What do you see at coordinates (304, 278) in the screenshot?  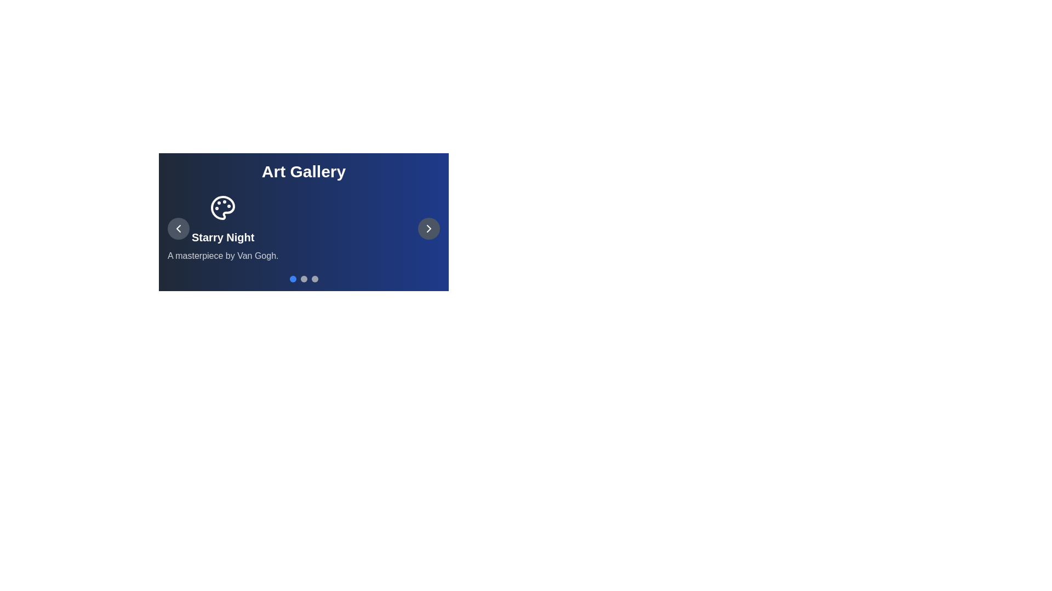 I see `the indicator dot corresponding to 1` at bounding box center [304, 278].